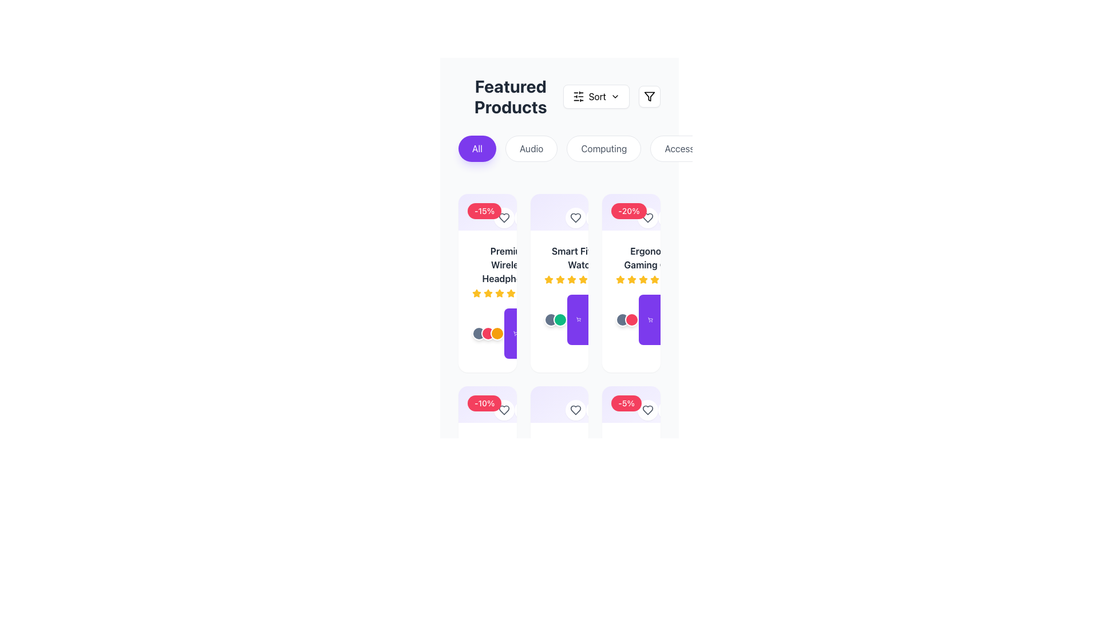 The height and width of the screenshot is (618, 1099). What do you see at coordinates (509, 271) in the screenshot?
I see `the Label and rating indicator element located in the first column of the product grid, situated below the discount badge ('-15%') and above the product color options, to read its content` at bounding box center [509, 271].